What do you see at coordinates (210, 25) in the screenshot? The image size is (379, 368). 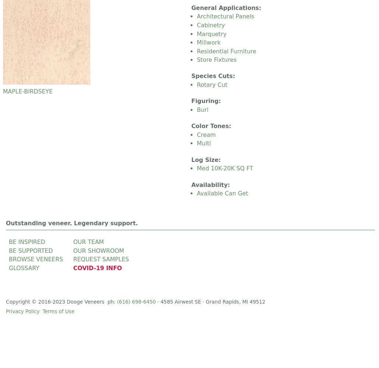 I see `'Cabinetry'` at bounding box center [210, 25].